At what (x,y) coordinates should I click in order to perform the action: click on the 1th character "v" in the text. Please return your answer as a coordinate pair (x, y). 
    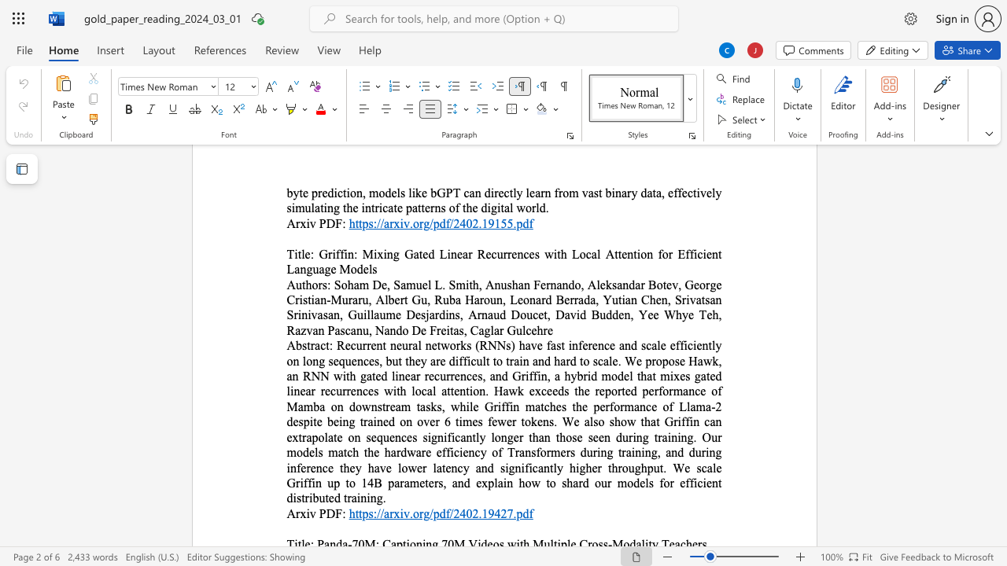
    Looking at the image, I should click on (312, 513).